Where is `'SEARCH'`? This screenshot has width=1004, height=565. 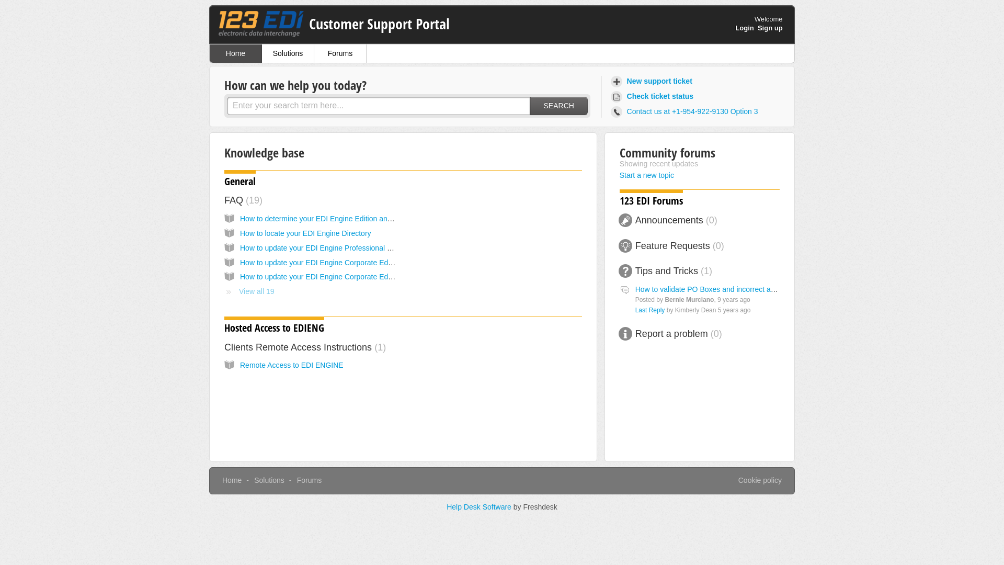
'SEARCH' is located at coordinates (558, 106).